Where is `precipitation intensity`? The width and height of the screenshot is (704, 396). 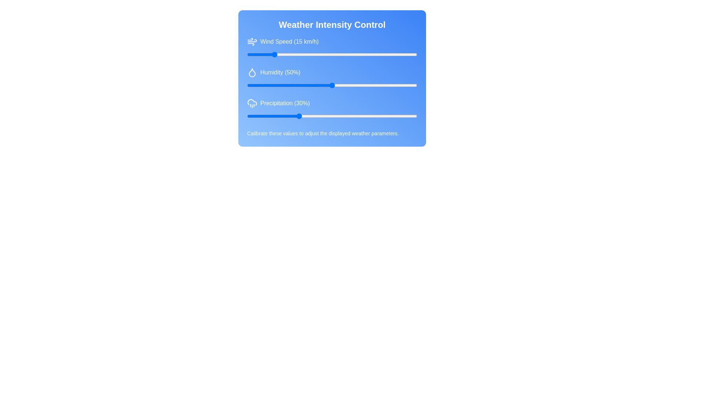
precipitation intensity is located at coordinates (307, 115).